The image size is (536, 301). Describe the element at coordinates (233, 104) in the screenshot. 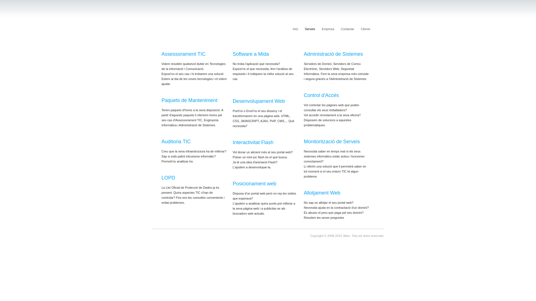

I see `'Desenvolupament Web'` at that location.